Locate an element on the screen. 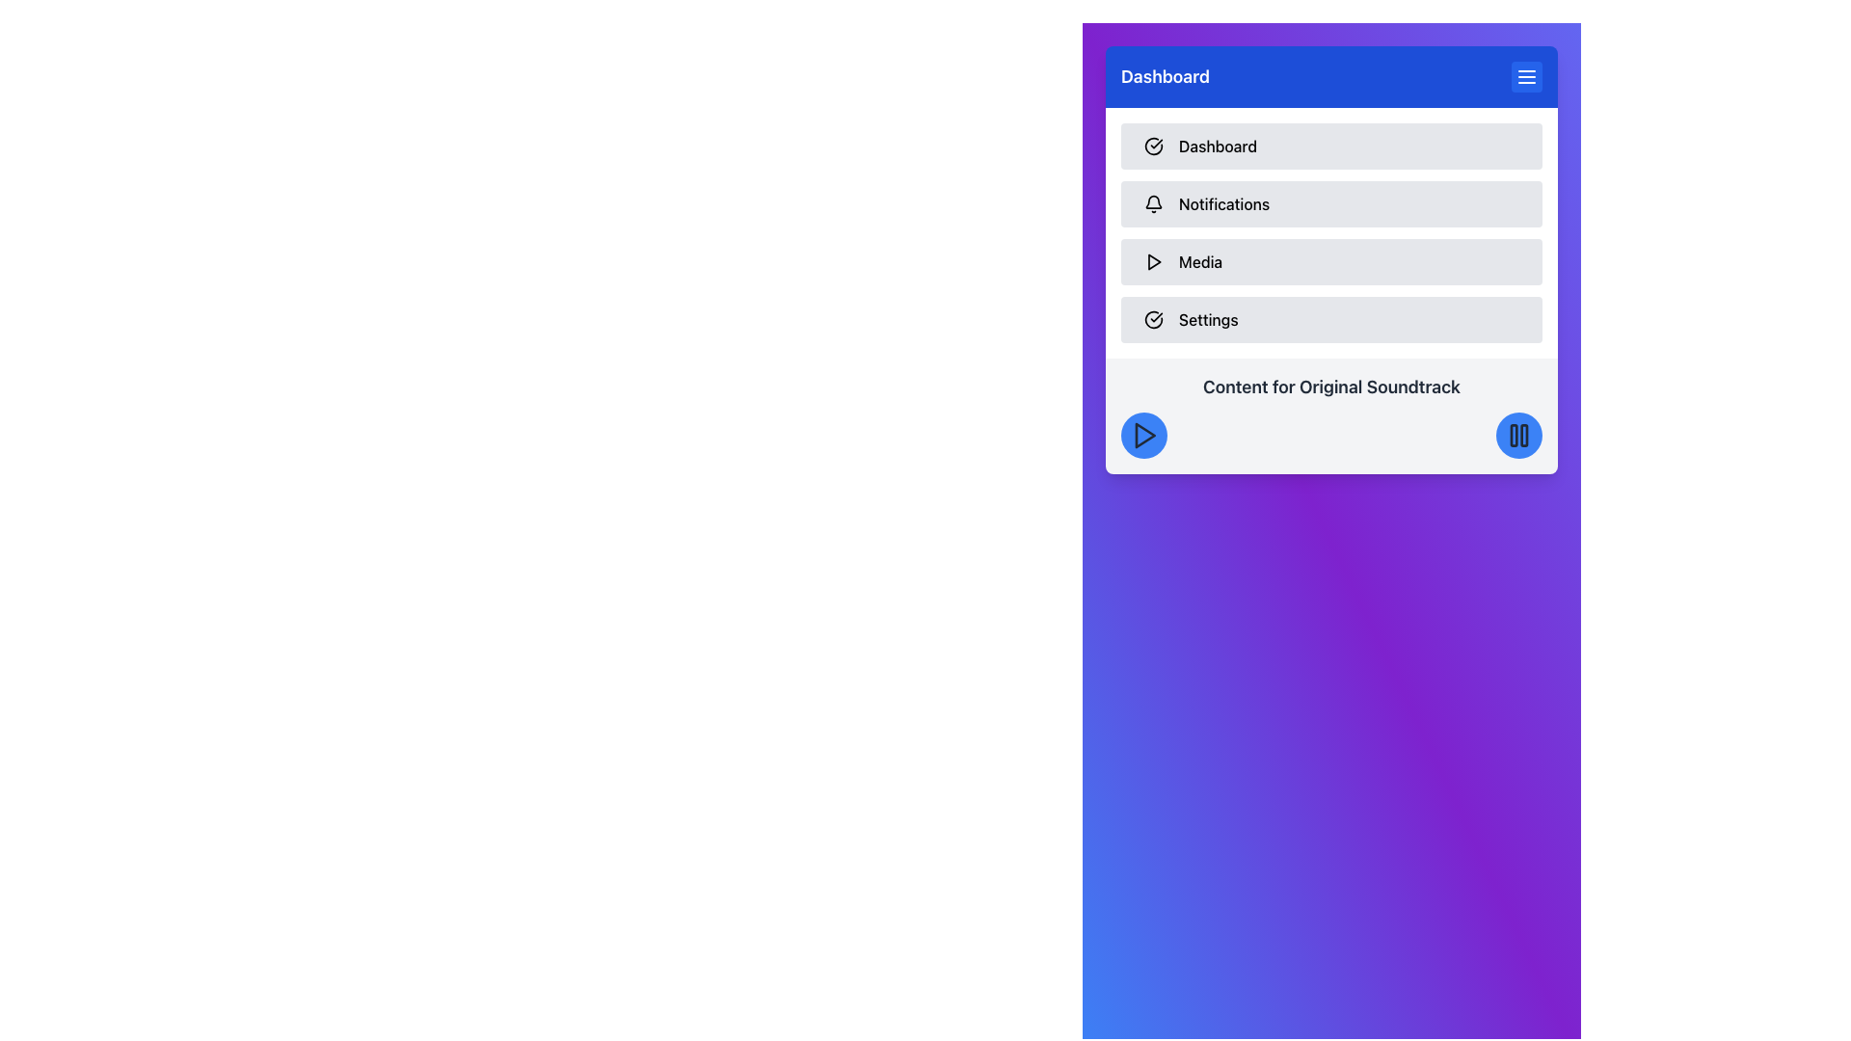 This screenshot has height=1041, width=1851. the button in the top-right corner of the header bar that toggles the visibility of the navigation menu, which is aligned with the 'Dashboard' label, to trigger hover effects is located at coordinates (1526, 76).